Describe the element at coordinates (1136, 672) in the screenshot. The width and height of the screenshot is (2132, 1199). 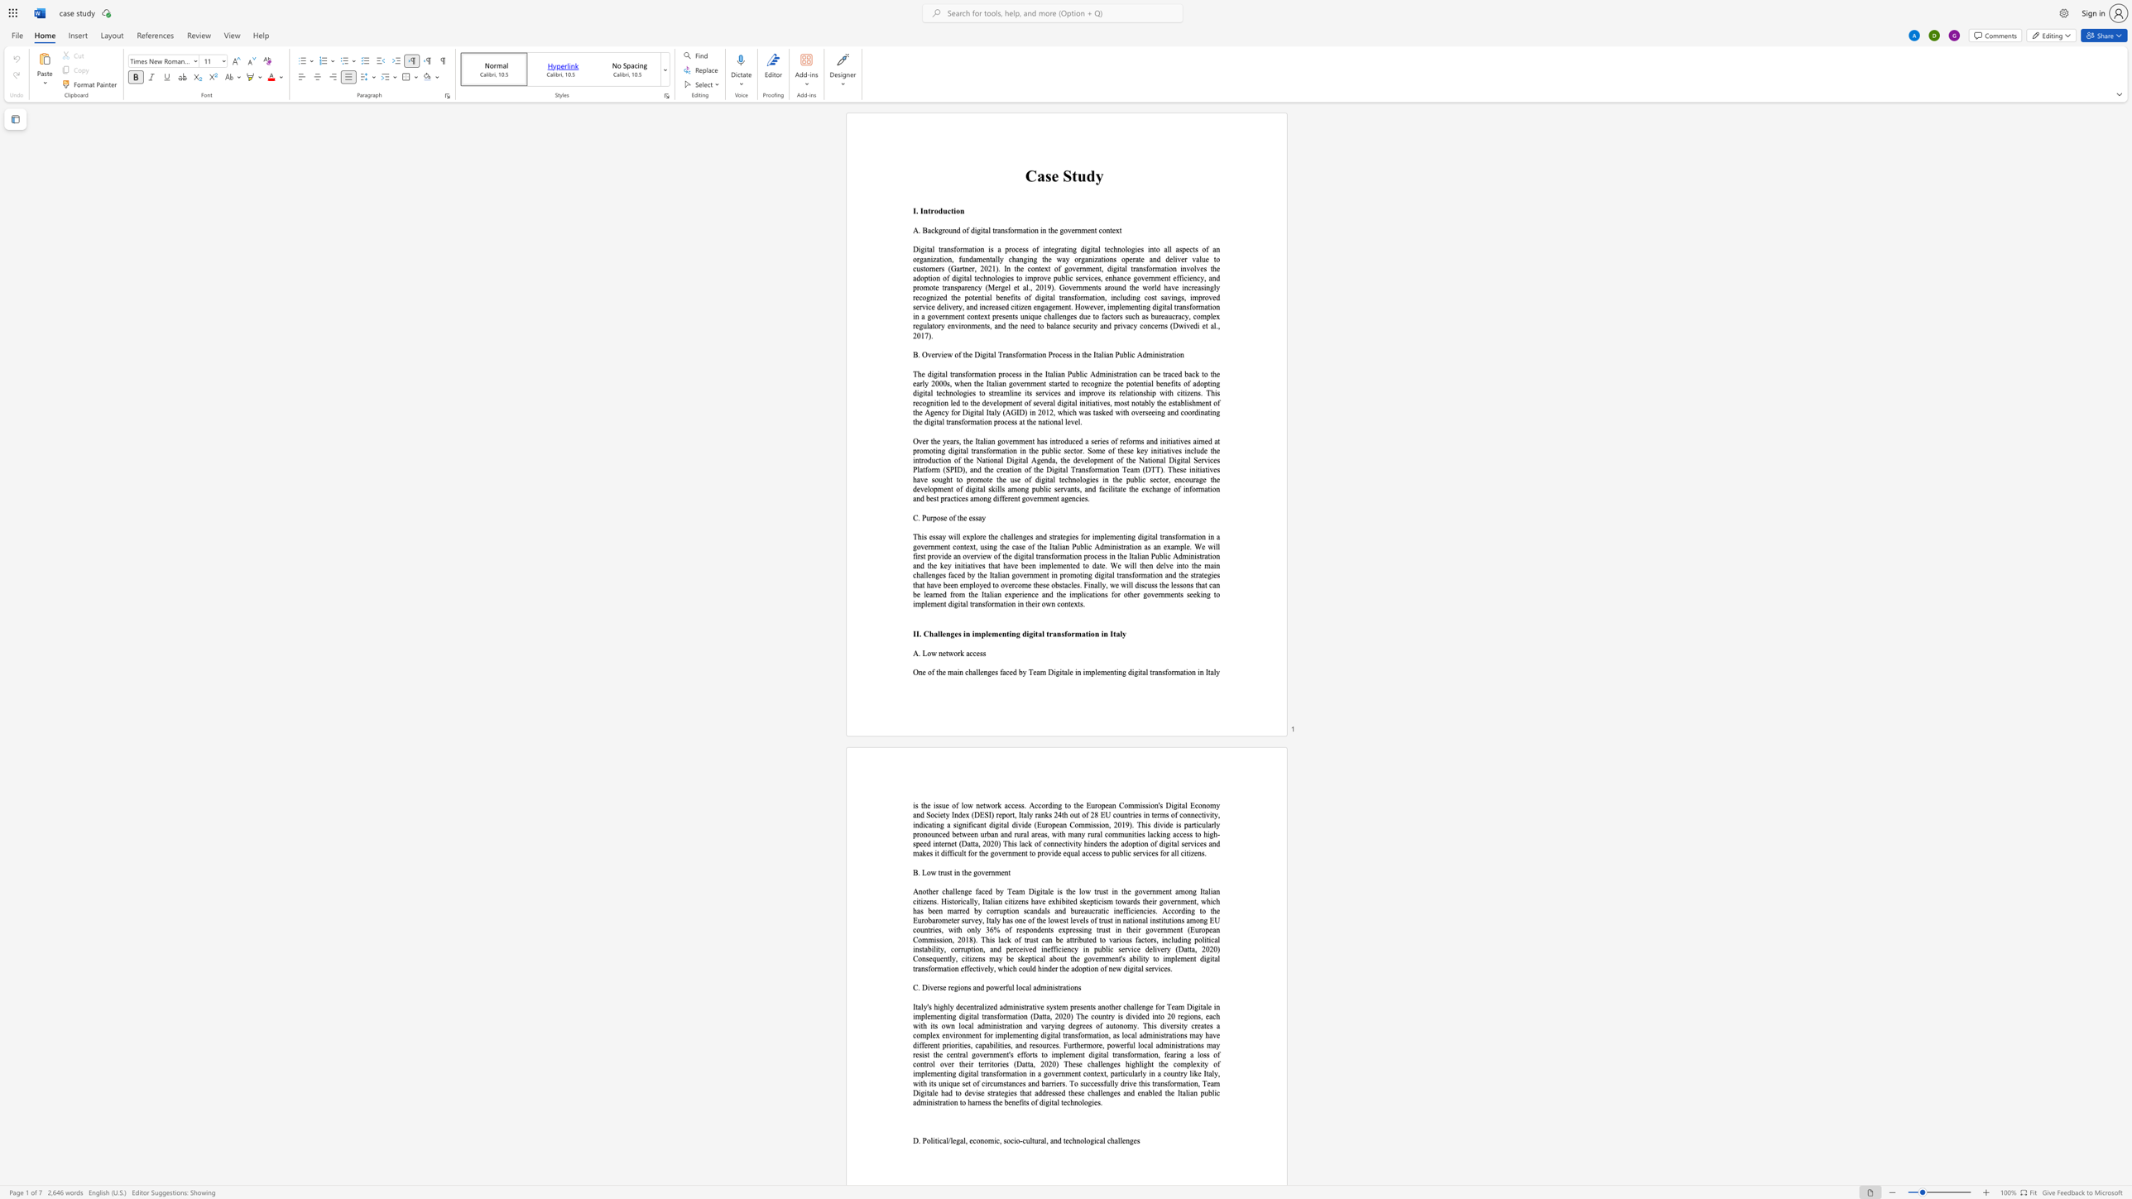
I see `the 4th character "g" in the text` at that location.